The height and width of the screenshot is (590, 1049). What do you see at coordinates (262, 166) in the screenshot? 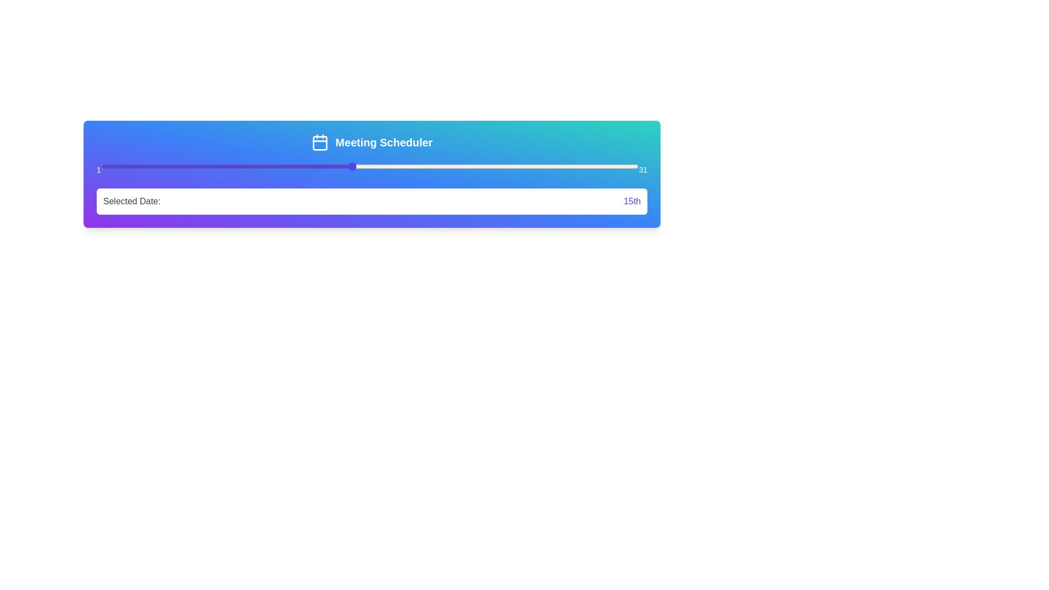
I see `the slider` at bounding box center [262, 166].